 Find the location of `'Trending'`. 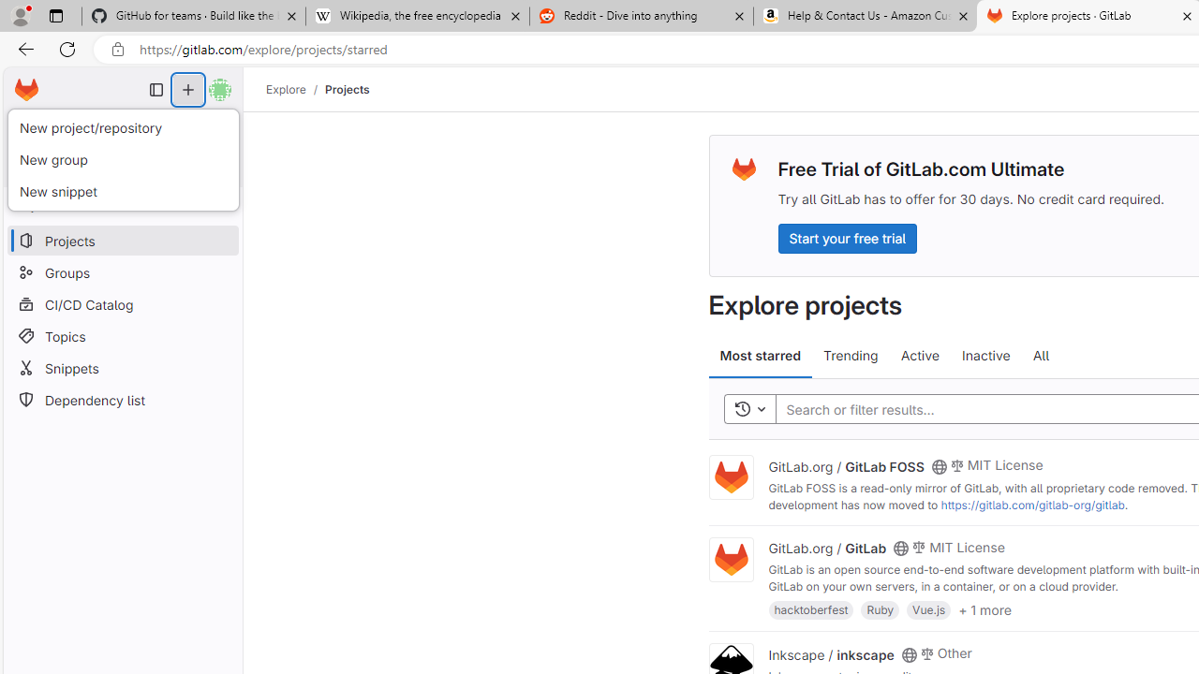

'Trending' is located at coordinates (850, 356).